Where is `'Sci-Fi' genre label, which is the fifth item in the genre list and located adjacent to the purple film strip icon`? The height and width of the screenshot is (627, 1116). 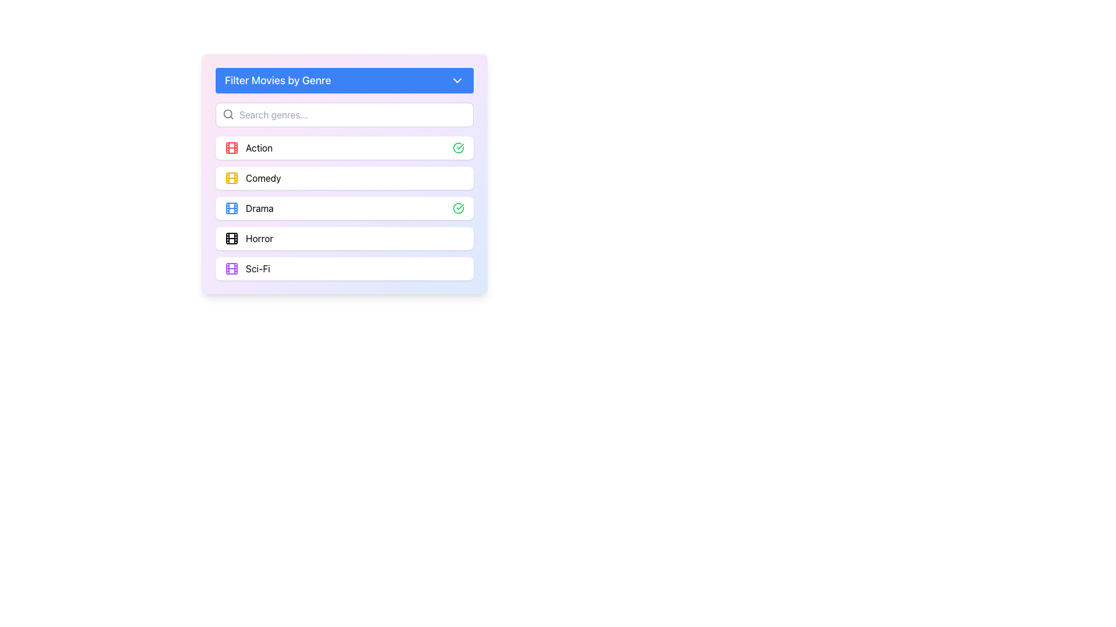 'Sci-Fi' genre label, which is the fifth item in the genre list and located adjacent to the purple film strip icon is located at coordinates (257, 268).